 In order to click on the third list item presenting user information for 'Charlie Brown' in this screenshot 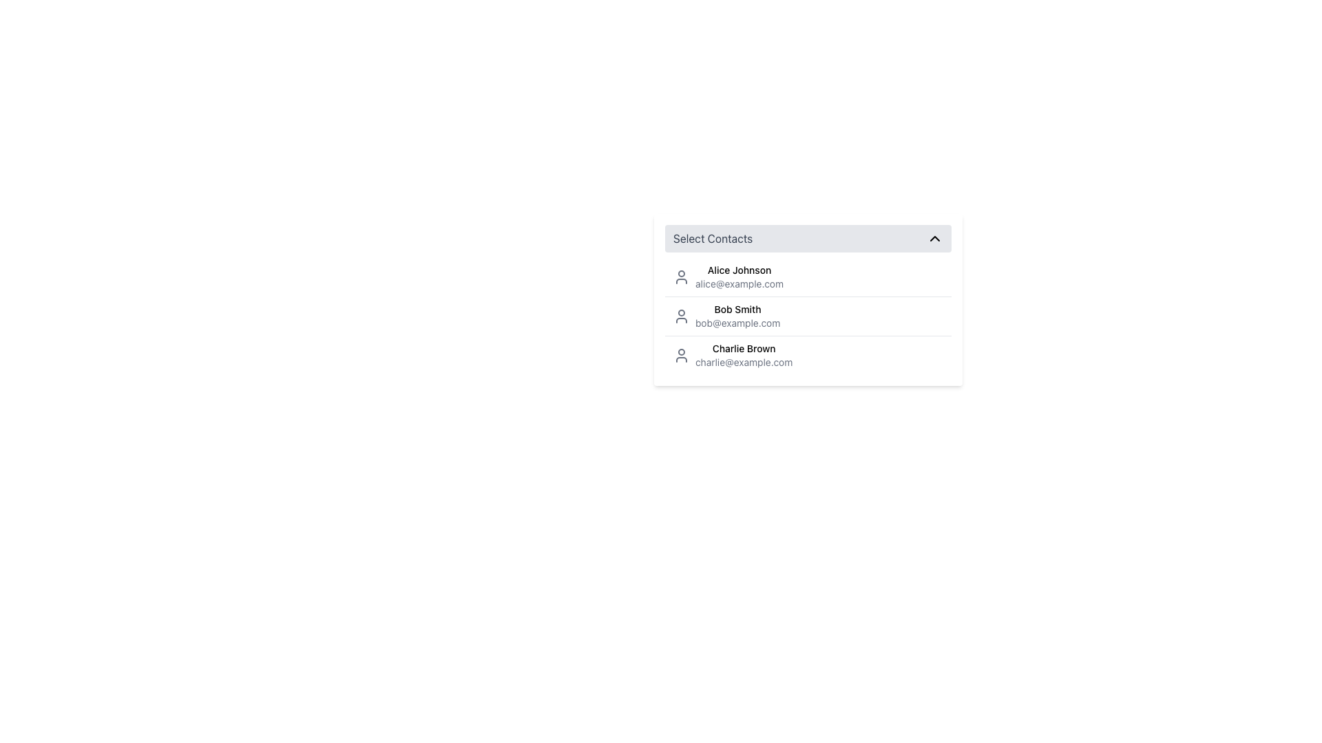, I will do `click(732, 354)`.